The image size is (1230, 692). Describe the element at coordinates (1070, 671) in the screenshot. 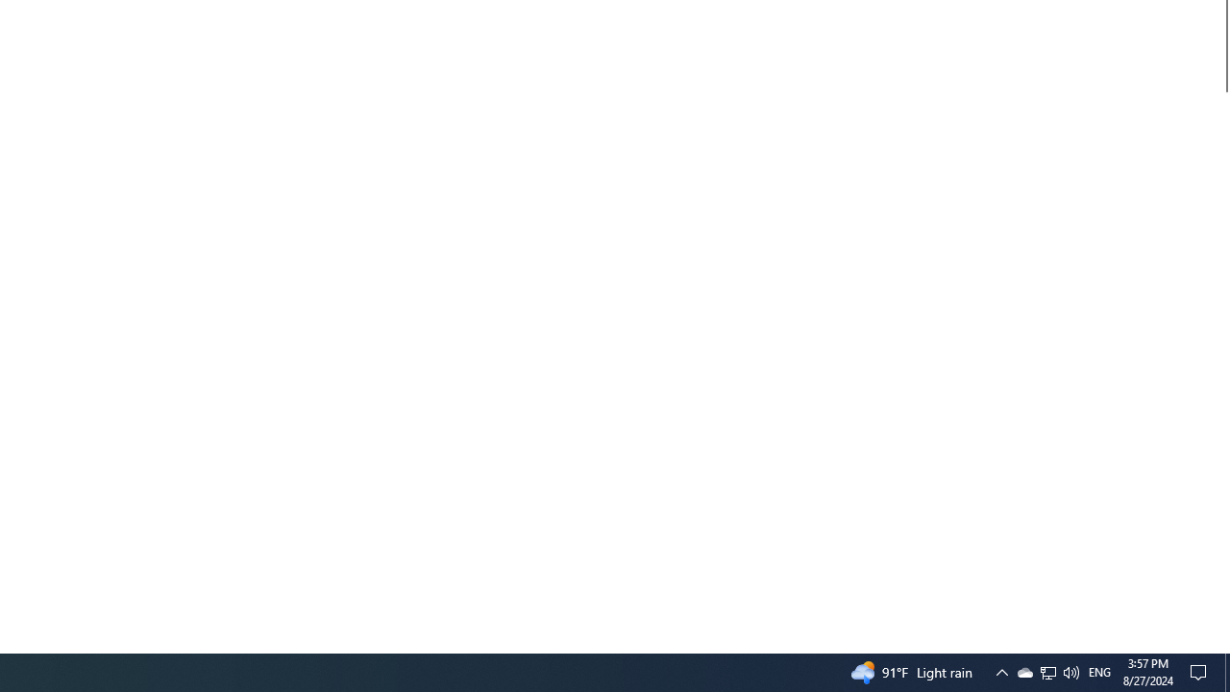

I see `'Tray Input Indicator - English (United States)'` at that location.